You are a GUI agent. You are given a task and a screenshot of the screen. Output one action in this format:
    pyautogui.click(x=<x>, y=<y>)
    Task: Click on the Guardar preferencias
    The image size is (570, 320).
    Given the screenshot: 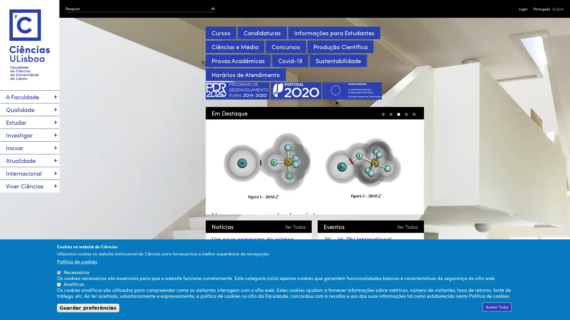 What is the action you would take?
    pyautogui.click(x=88, y=308)
    